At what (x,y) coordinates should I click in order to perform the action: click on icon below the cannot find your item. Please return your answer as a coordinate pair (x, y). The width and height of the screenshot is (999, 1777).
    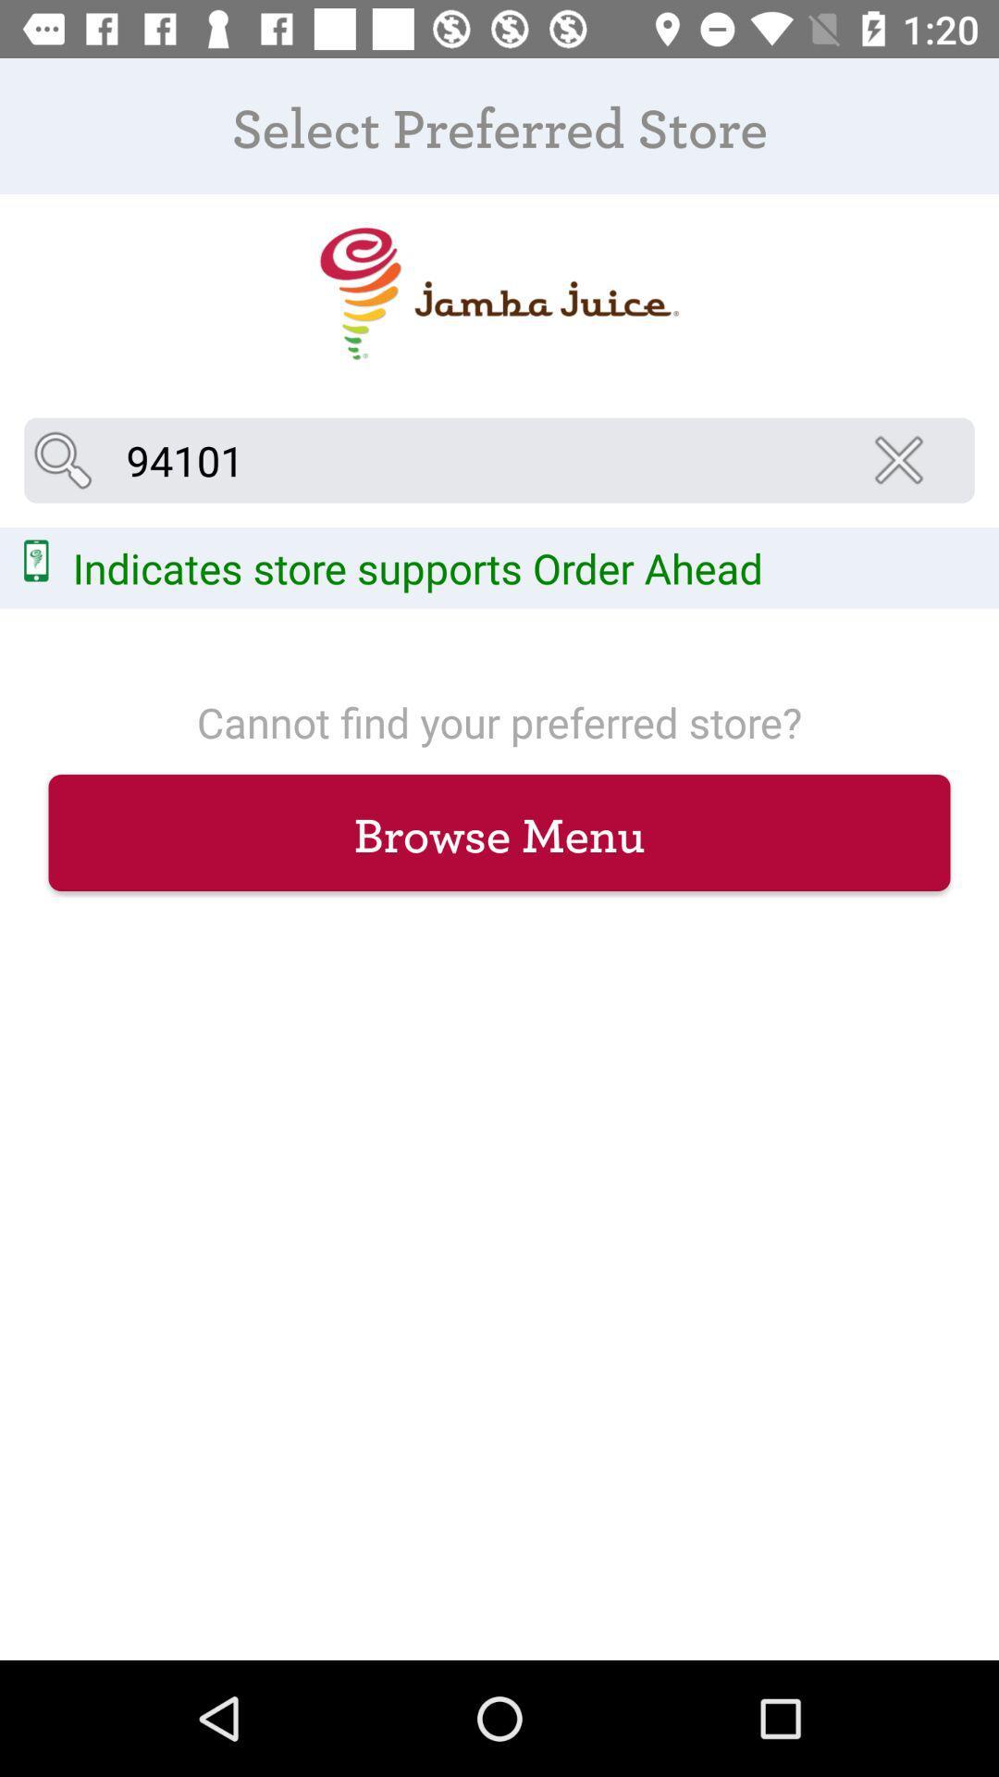
    Looking at the image, I should click on (499, 831).